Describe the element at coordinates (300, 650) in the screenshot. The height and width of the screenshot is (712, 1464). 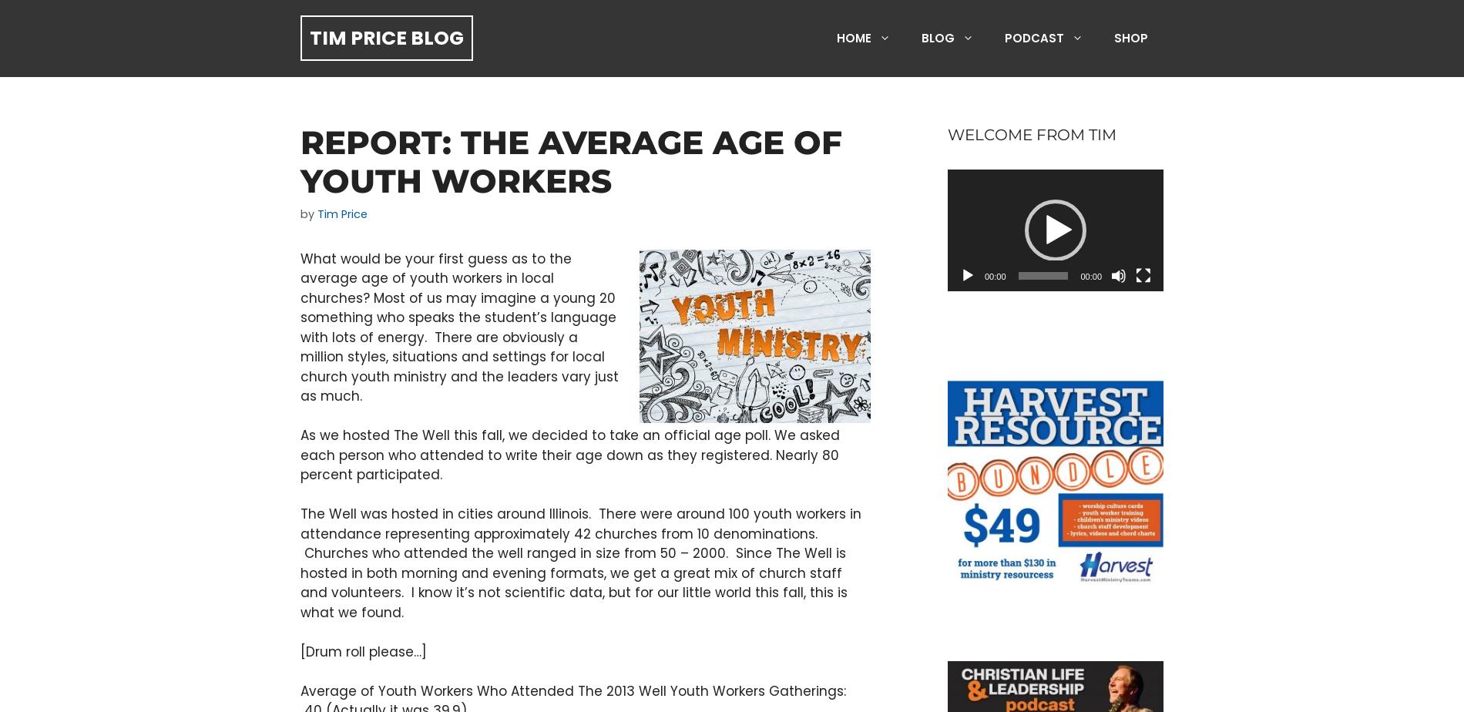
I see `'[Drum roll please…]'` at that location.